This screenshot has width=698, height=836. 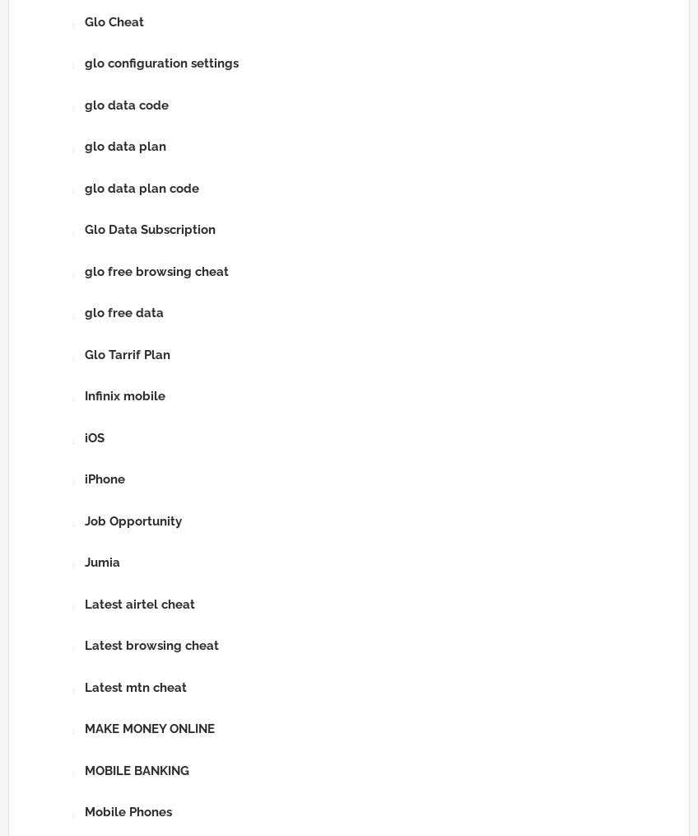 What do you see at coordinates (127, 353) in the screenshot?
I see `'Glo Tarrif Plan'` at bounding box center [127, 353].